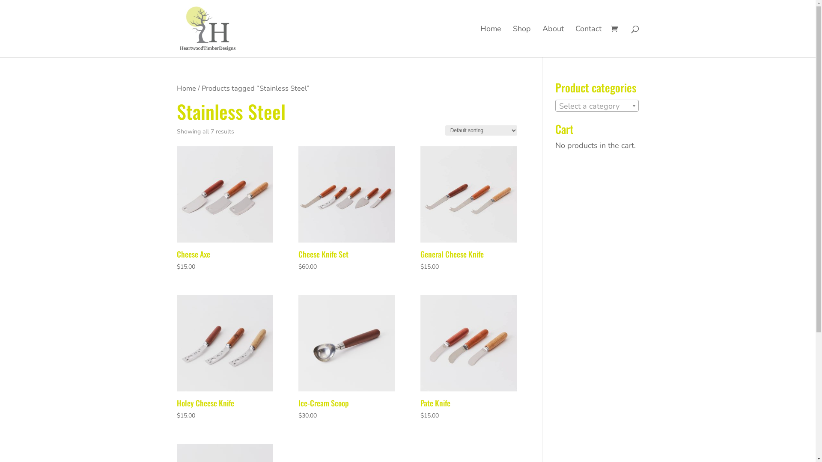 The image size is (822, 462). I want to click on 'Cheese Knife Set, so click(346, 209).